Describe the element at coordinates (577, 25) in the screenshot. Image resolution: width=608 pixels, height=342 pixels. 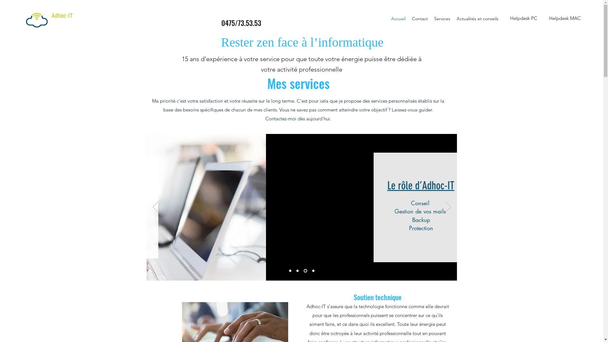
I see `'Helpdesk PC'` at that location.